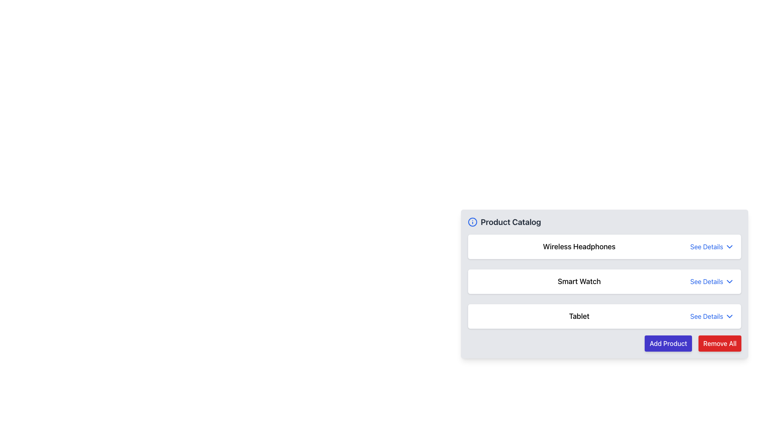 Image resolution: width=777 pixels, height=437 pixels. I want to click on the 'Add Product' button located at the bottom-right of the product catalog interface, so click(668, 343).